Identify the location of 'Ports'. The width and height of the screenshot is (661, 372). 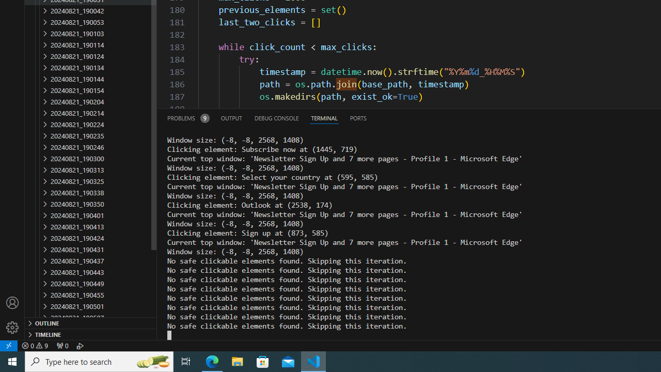
(358, 117).